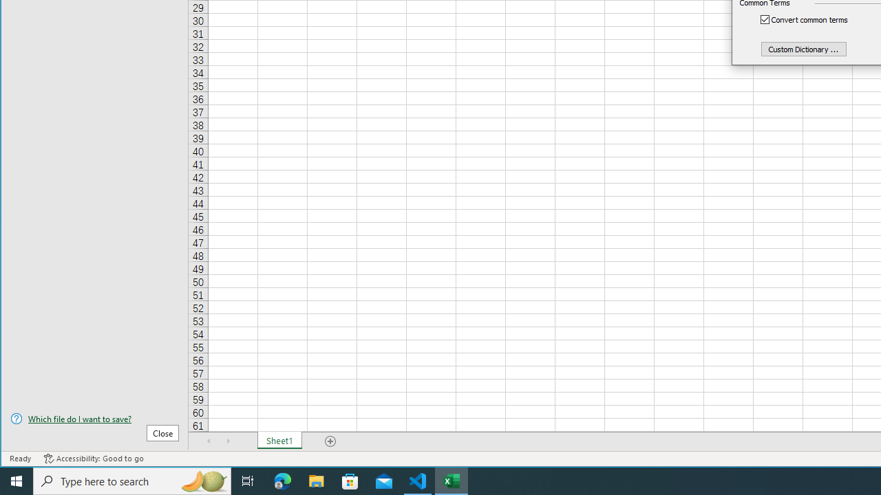  I want to click on 'File Explorer', so click(316, 480).